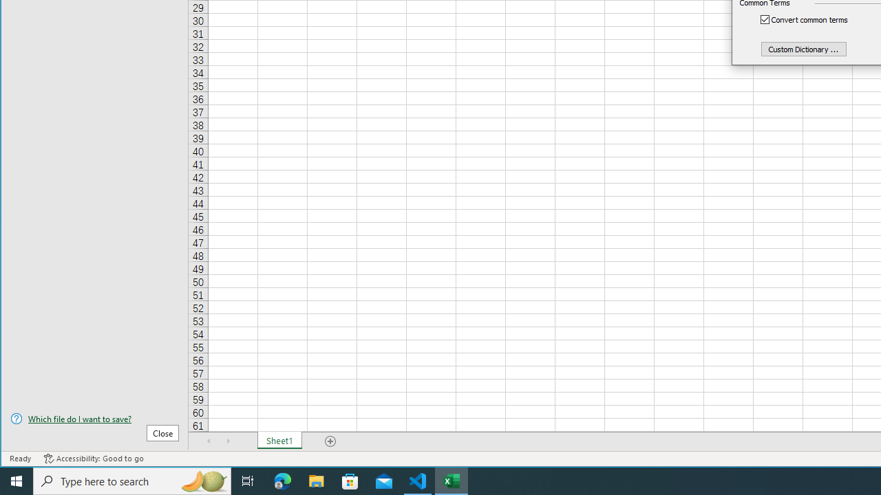  I want to click on 'File Explorer', so click(316, 480).